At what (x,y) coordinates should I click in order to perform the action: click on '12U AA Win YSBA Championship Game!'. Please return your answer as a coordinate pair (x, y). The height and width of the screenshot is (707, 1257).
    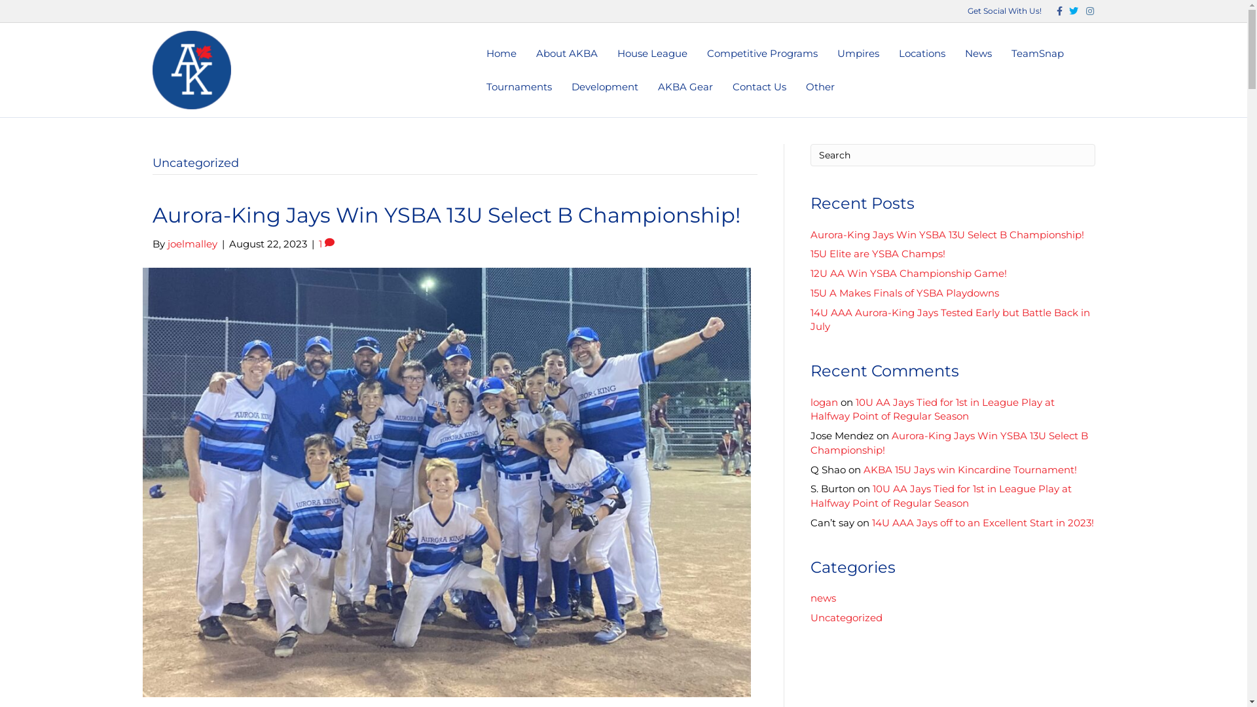
    Looking at the image, I should click on (907, 272).